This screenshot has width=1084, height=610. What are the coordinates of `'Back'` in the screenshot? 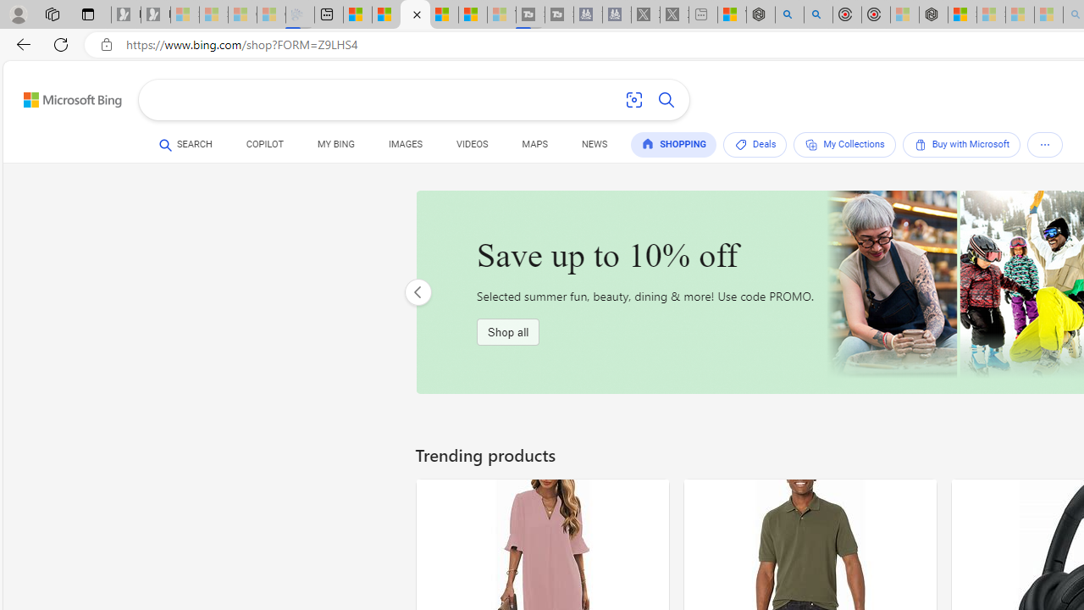 It's located at (20, 43).